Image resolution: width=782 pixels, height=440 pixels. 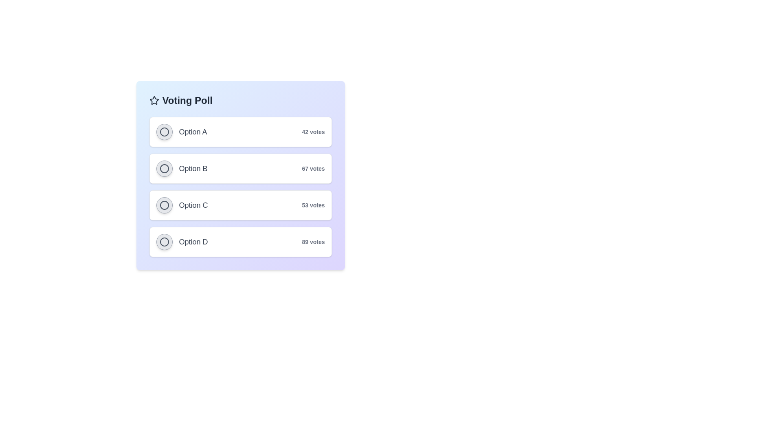 I want to click on the radio button for 'Option A' in the voting poll interface, so click(x=181, y=132).